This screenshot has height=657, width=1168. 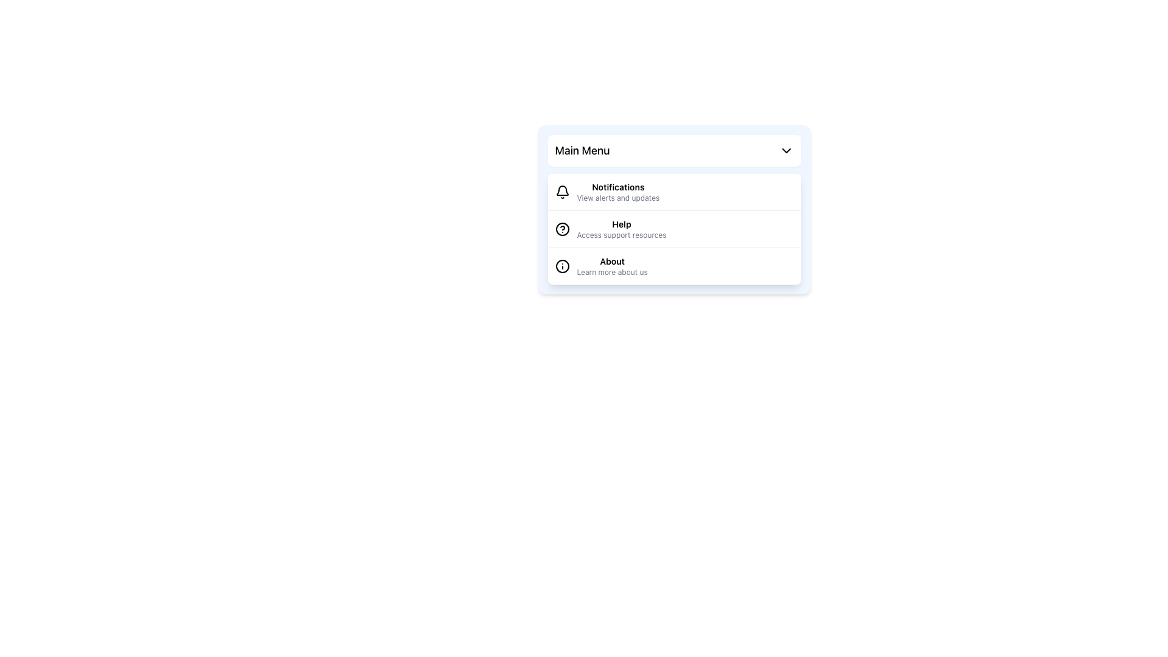 I want to click on the circular outline icon with a question mark, positioned to the left of the 'Help' text, so click(x=561, y=229).